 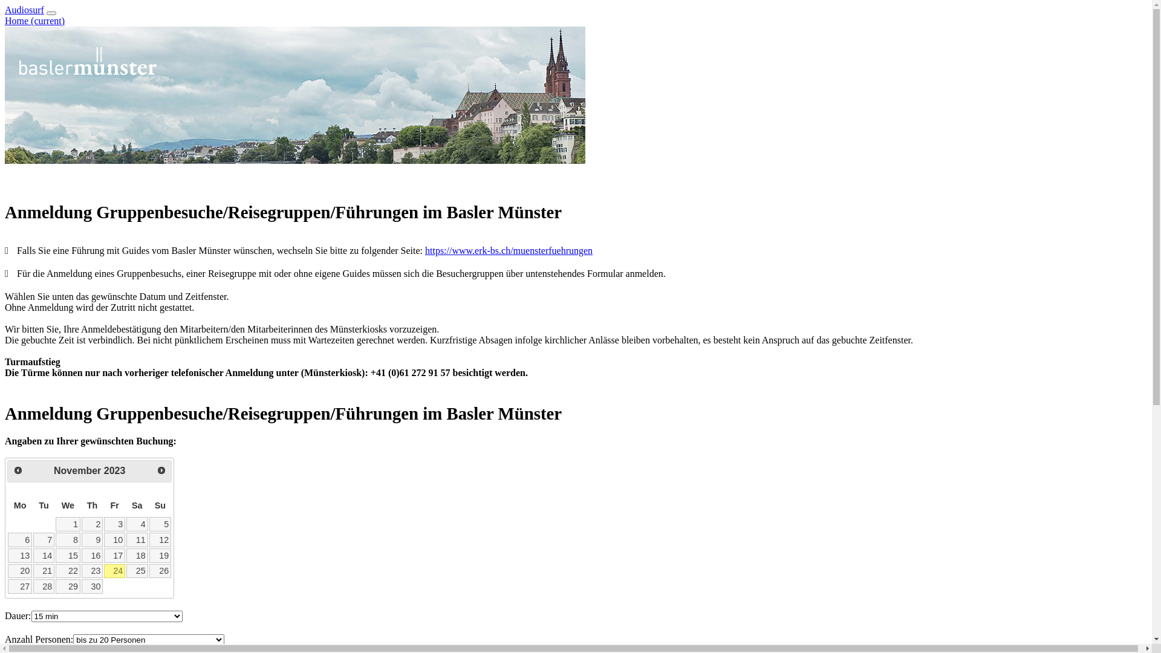 I want to click on '8', so click(x=67, y=539).